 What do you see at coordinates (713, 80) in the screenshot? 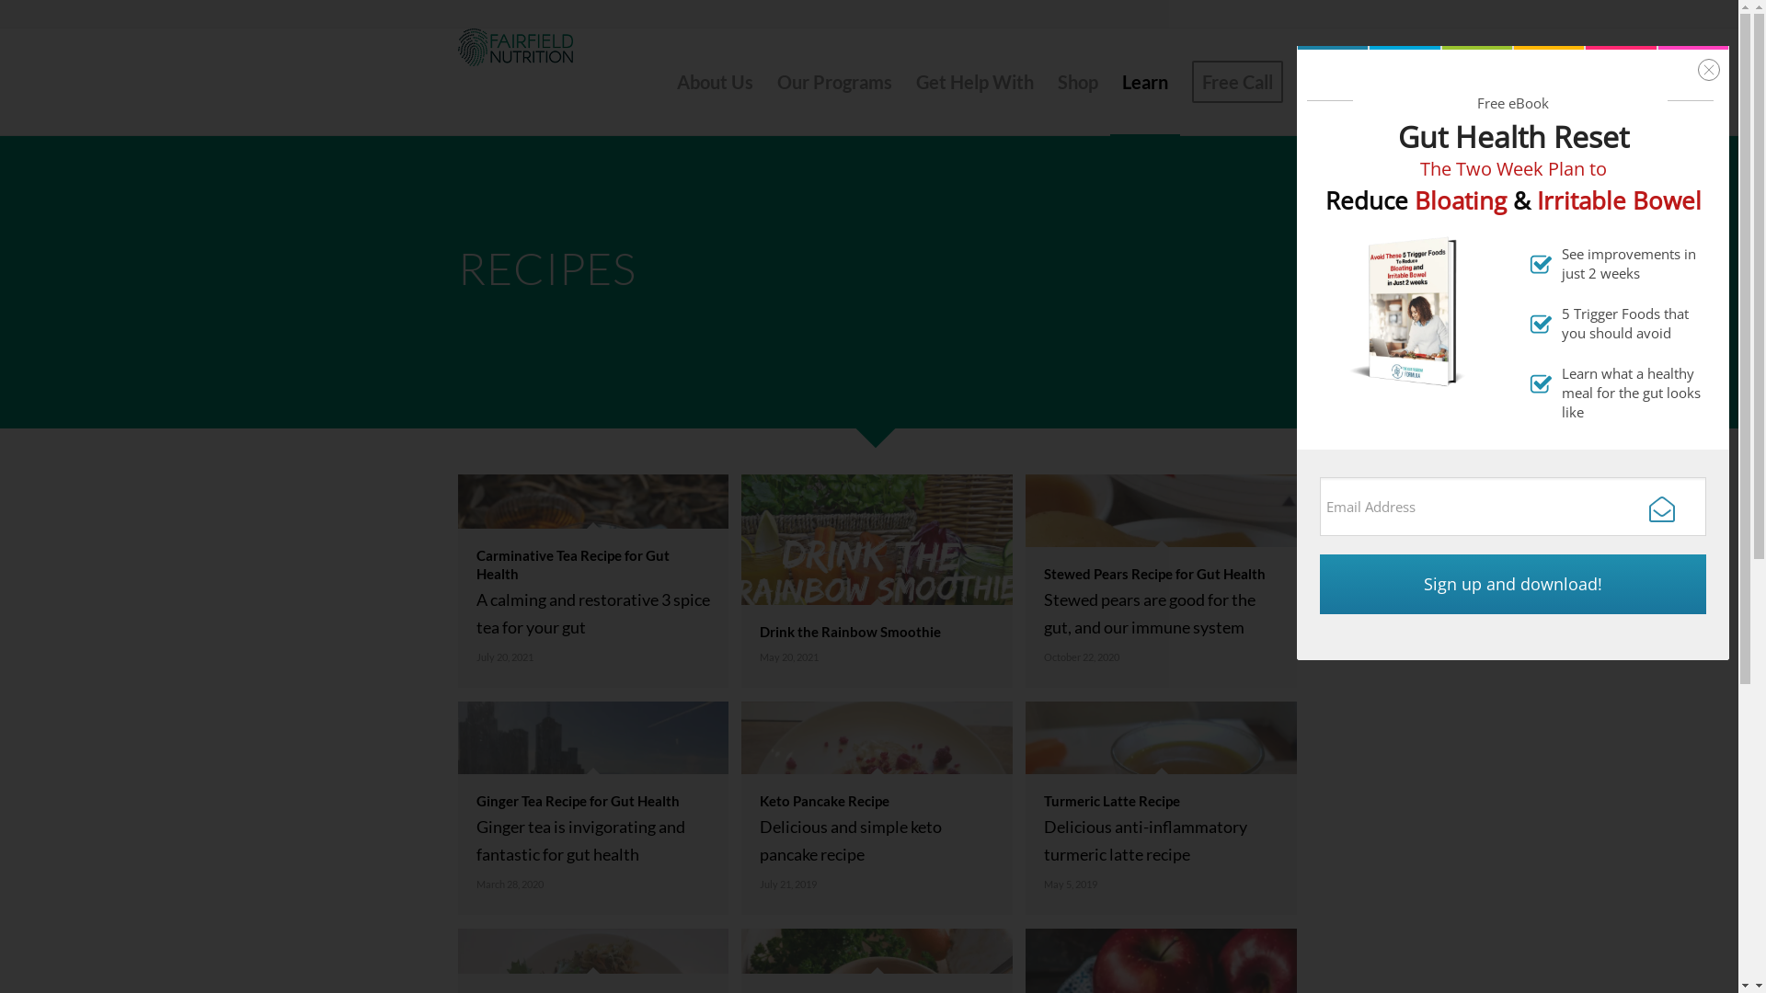
I see `'About Us'` at bounding box center [713, 80].